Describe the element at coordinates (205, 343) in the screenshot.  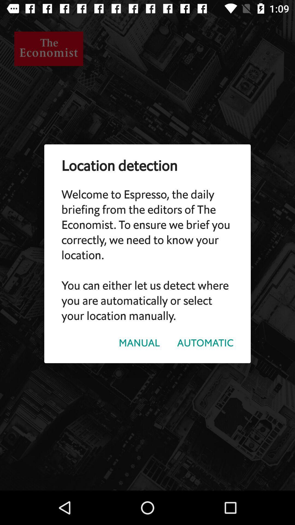
I see `the automatic icon` at that location.